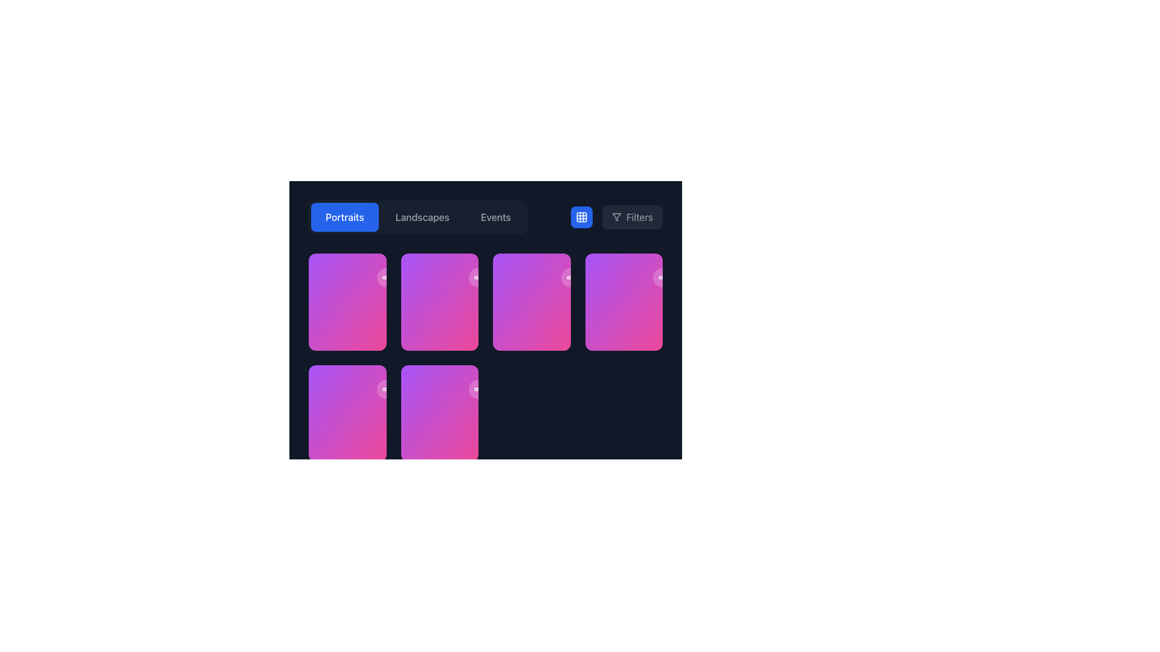 The width and height of the screenshot is (1160, 652). What do you see at coordinates (347, 301) in the screenshot?
I see `the interactive card located in the first row and first column of the grid layout` at bounding box center [347, 301].